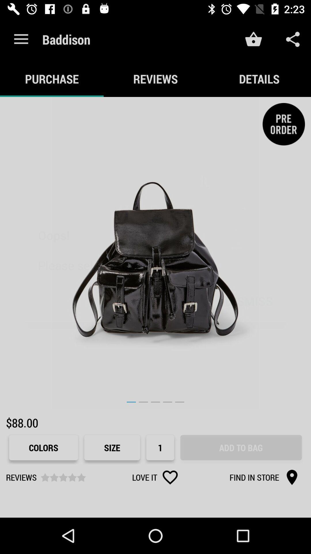 The width and height of the screenshot is (311, 554). What do you see at coordinates (155, 253) in the screenshot?
I see `the icon above the $88.00 icon` at bounding box center [155, 253].